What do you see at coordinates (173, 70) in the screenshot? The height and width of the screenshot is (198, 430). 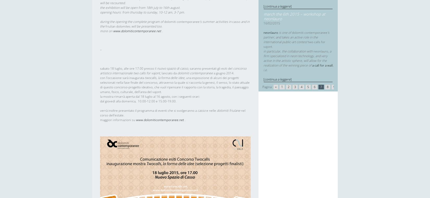 I see `'Concorso Artistico Internazionale Two calls for Vajont'` at bounding box center [173, 70].